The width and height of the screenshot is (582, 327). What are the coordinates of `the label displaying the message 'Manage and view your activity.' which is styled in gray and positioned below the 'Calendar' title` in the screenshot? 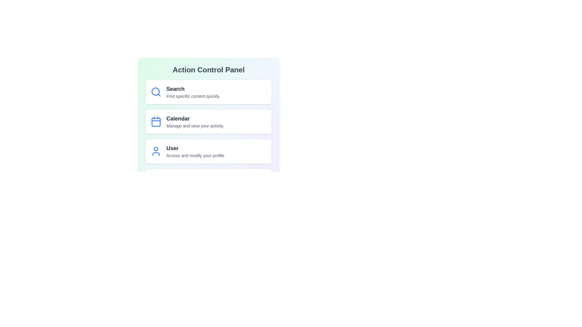 It's located at (195, 126).